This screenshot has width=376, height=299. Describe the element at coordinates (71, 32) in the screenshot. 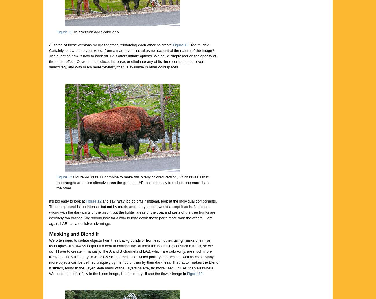

I see `'This version adds color only.'` at that location.